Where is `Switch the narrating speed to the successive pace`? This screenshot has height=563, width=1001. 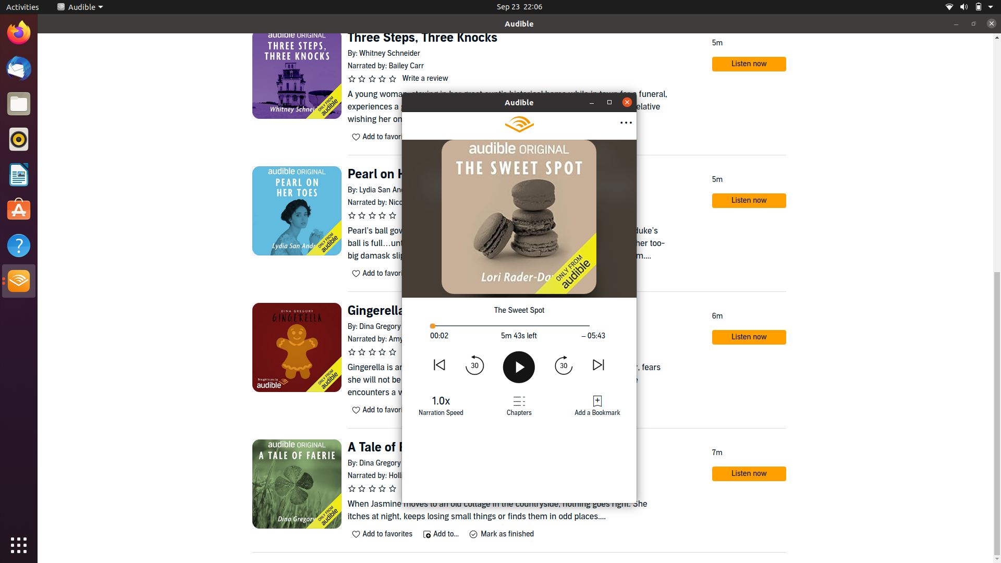
Switch the narrating speed to the successive pace is located at coordinates (441, 403).